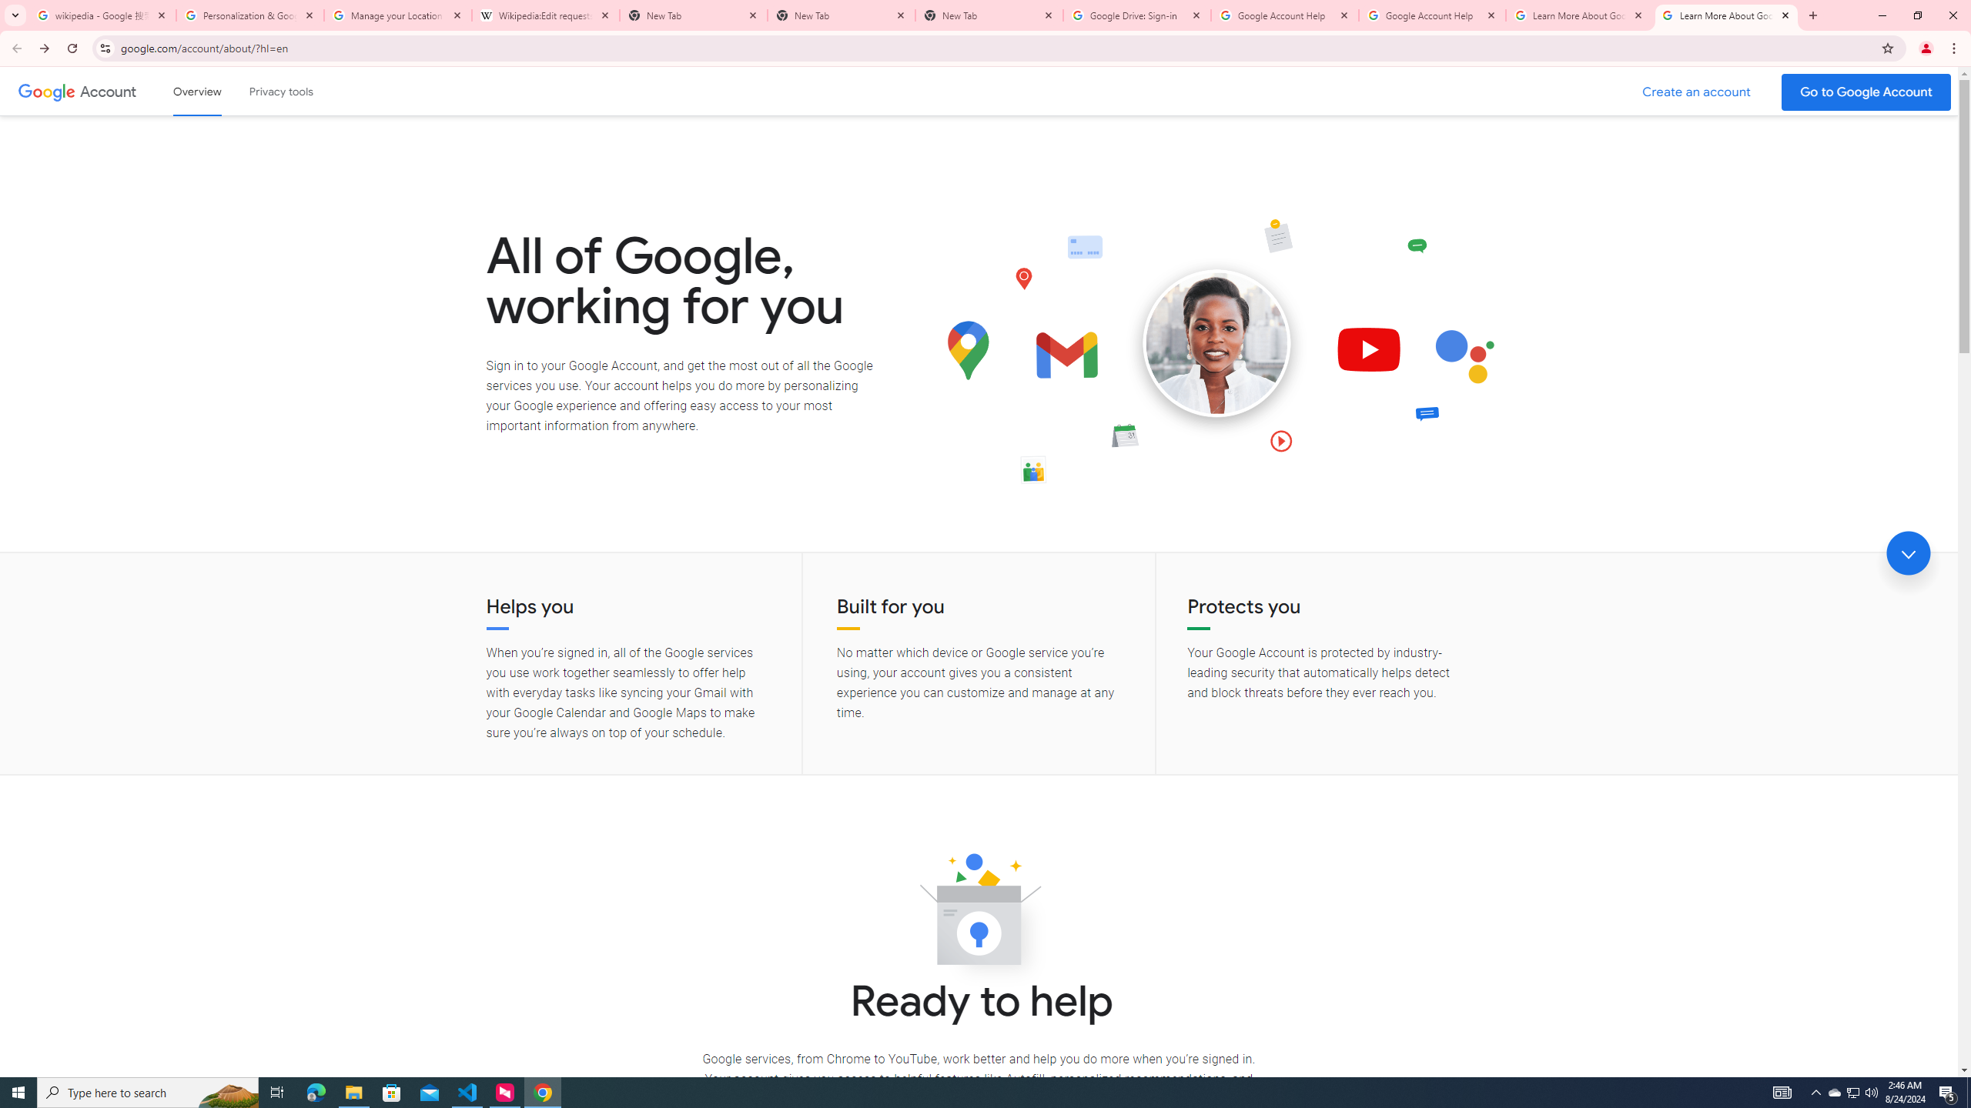 The image size is (1971, 1108). Describe the element at coordinates (1866, 92) in the screenshot. I see `'Go to your Google Account'` at that location.